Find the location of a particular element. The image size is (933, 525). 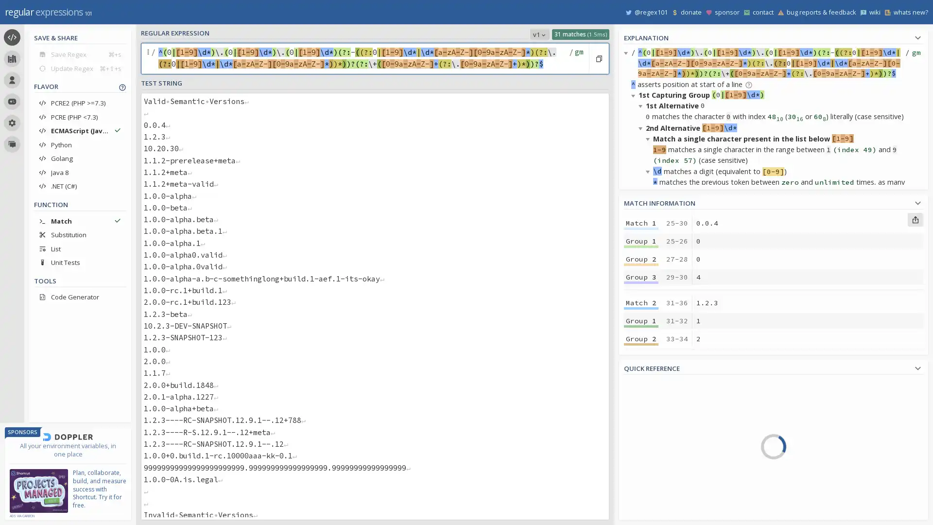

Collapse Subtree is located at coordinates (649, 259).